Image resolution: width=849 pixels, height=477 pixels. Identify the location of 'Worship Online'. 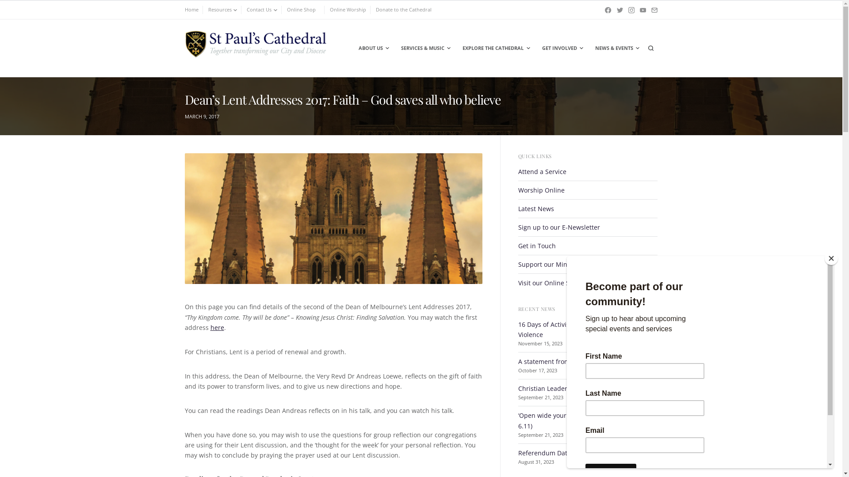
(541, 189).